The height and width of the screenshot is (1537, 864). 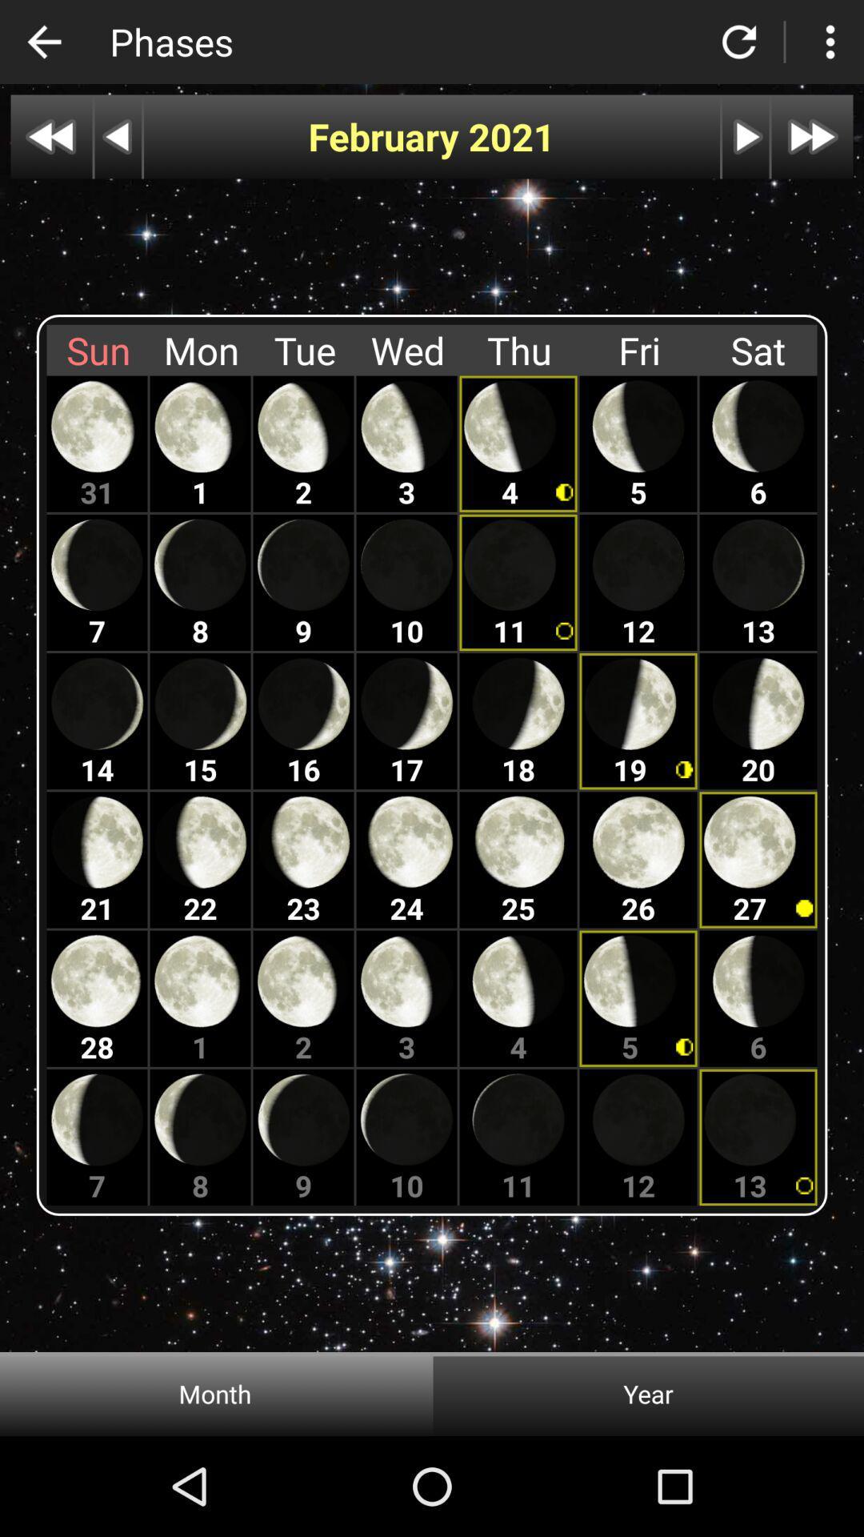 What do you see at coordinates (406, 582) in the screenshot?
I see `the date 10` at bounding box center [406, 582].